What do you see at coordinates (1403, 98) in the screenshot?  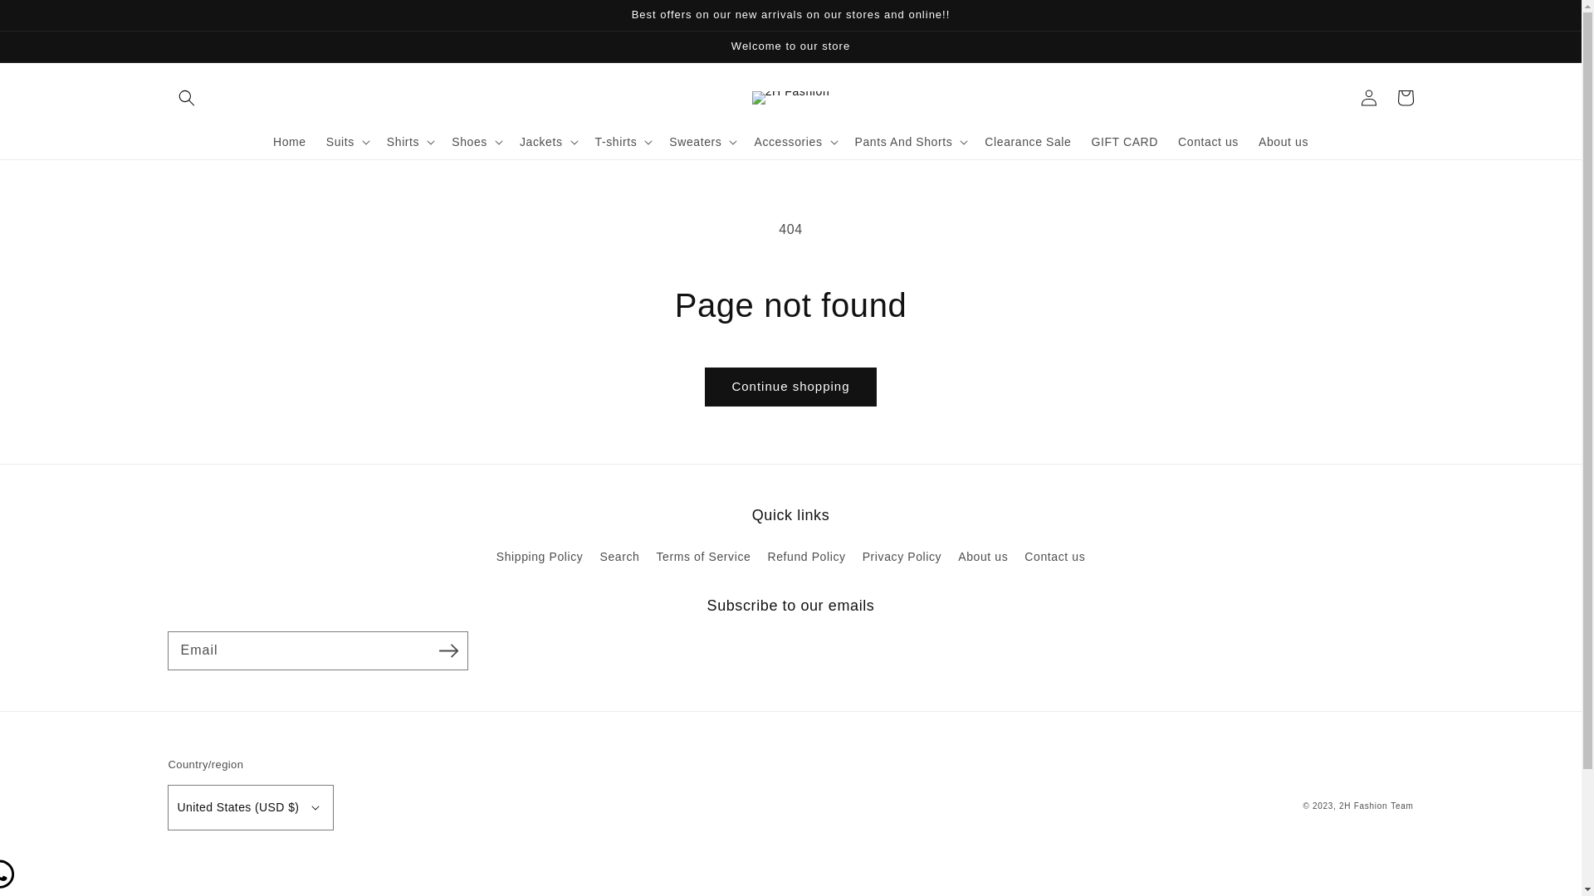 I see `'Cart'` at bounding box center [1403, 98].